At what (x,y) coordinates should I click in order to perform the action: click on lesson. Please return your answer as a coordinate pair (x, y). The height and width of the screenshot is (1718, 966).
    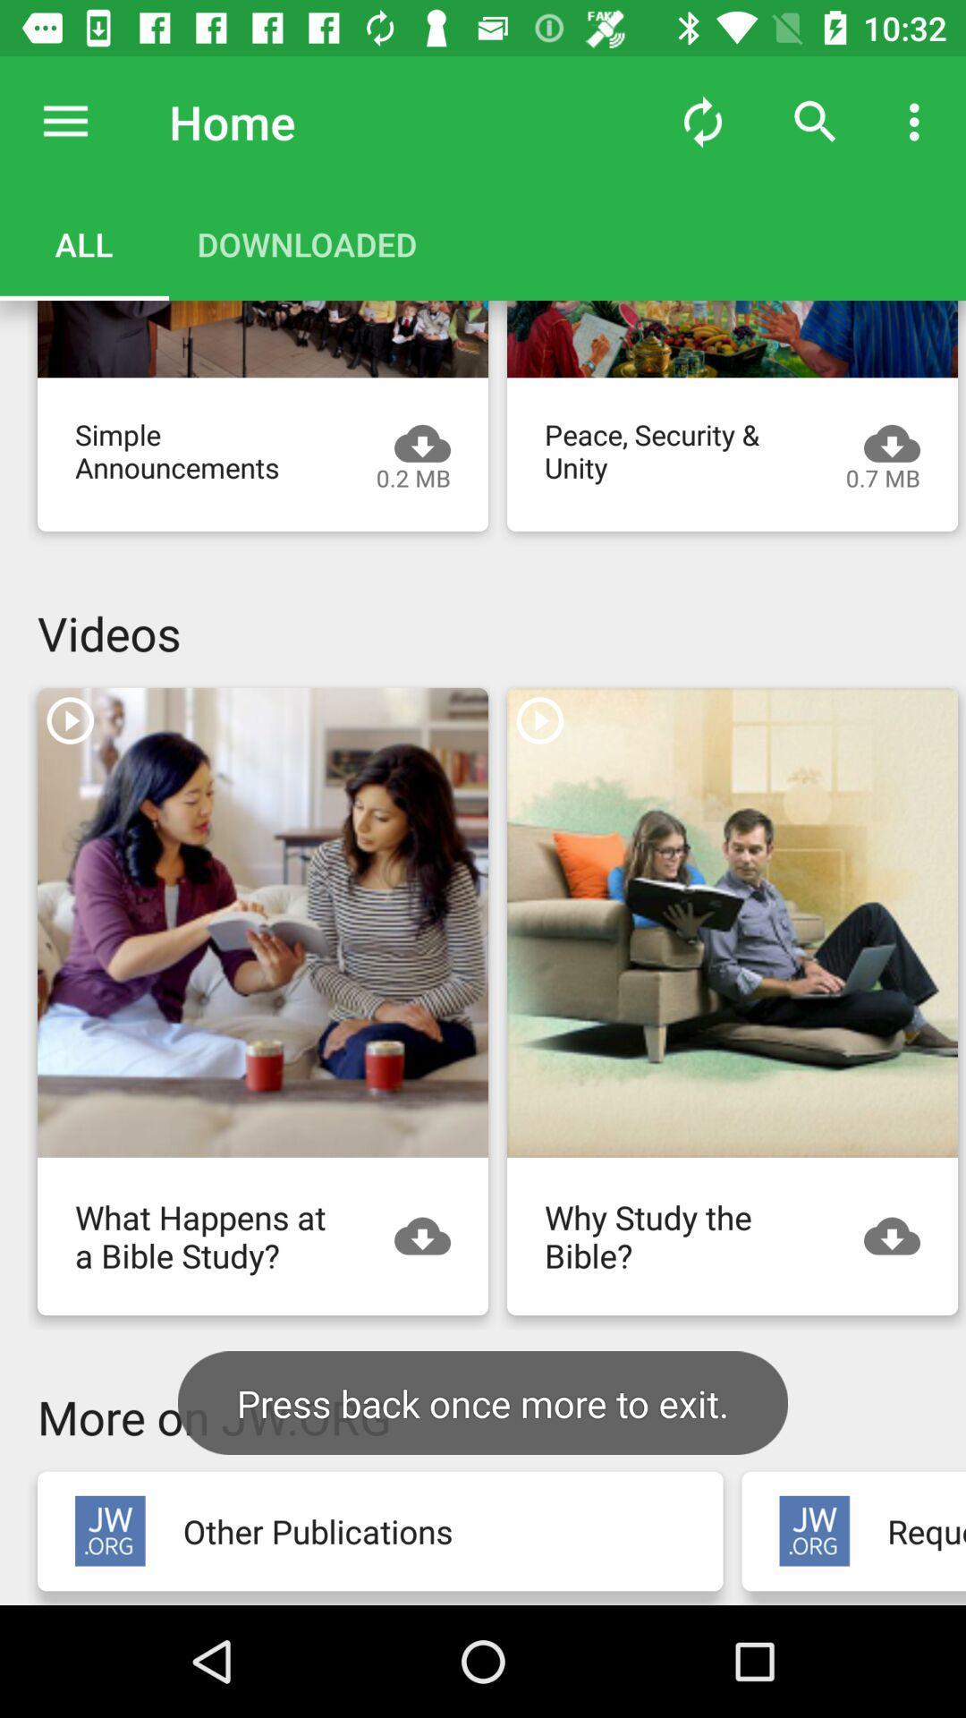
    Looking at the image, I should click on (262, 339).